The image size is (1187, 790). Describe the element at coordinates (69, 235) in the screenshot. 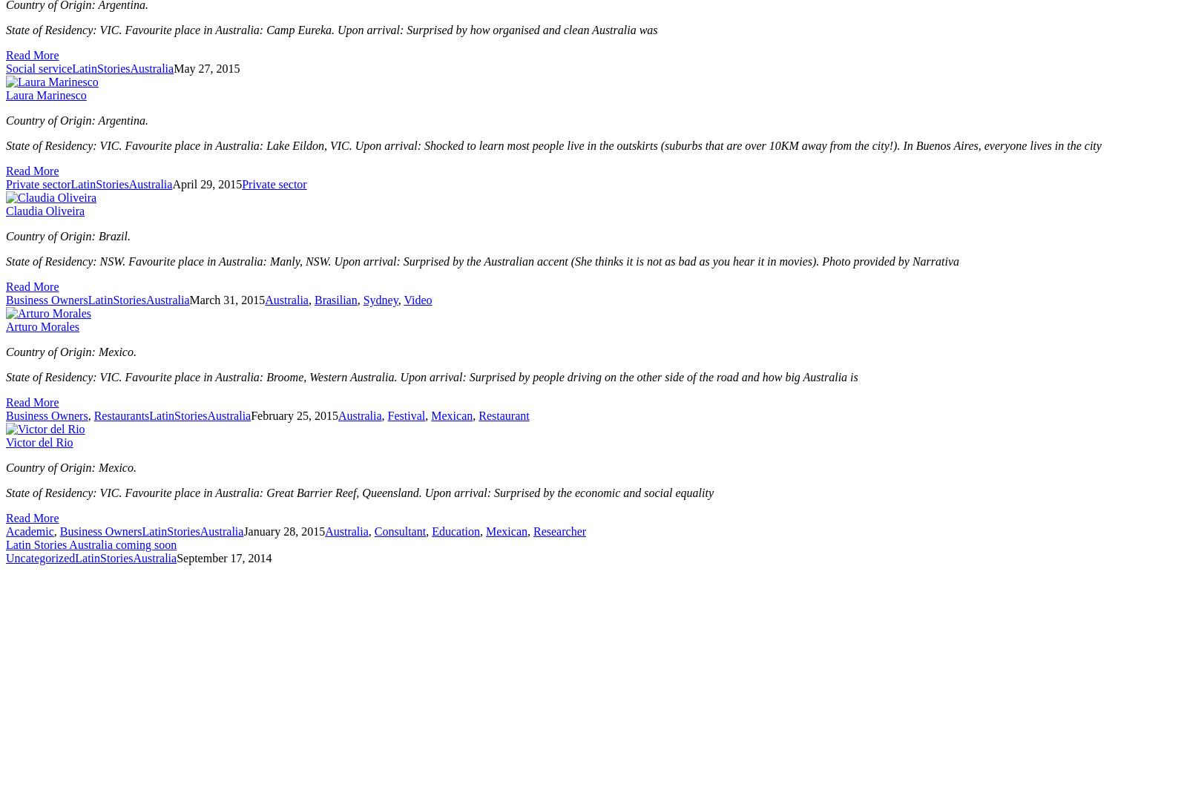

I see `'Country of Origin: Brazil.'` at that location.